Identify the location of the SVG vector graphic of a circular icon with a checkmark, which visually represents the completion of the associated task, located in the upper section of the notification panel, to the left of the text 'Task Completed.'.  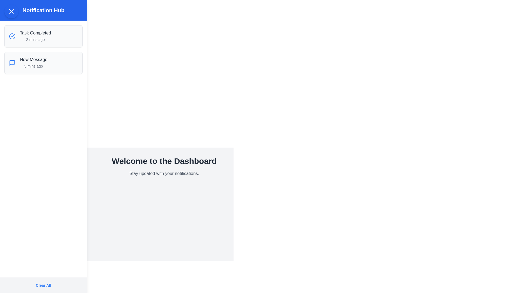
(12, 36).